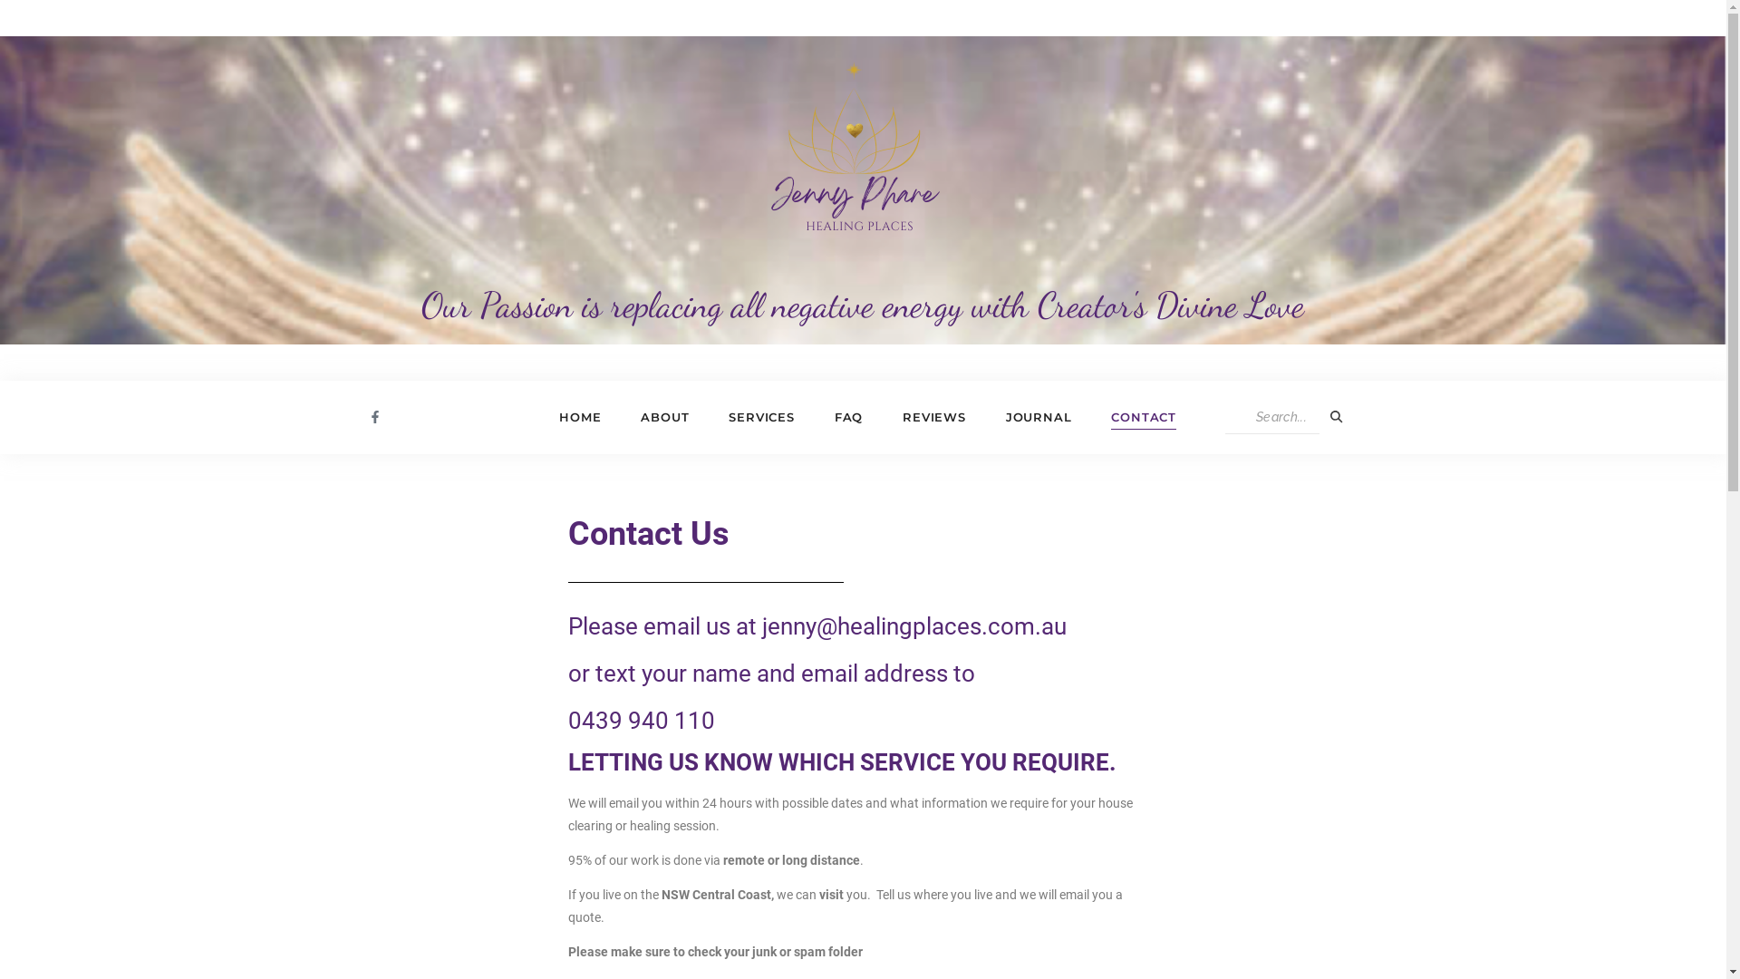  What do you see at coordinates (1271, 417) in the screenshot?
I see `'Search'` at bounding box center [1271, 417].